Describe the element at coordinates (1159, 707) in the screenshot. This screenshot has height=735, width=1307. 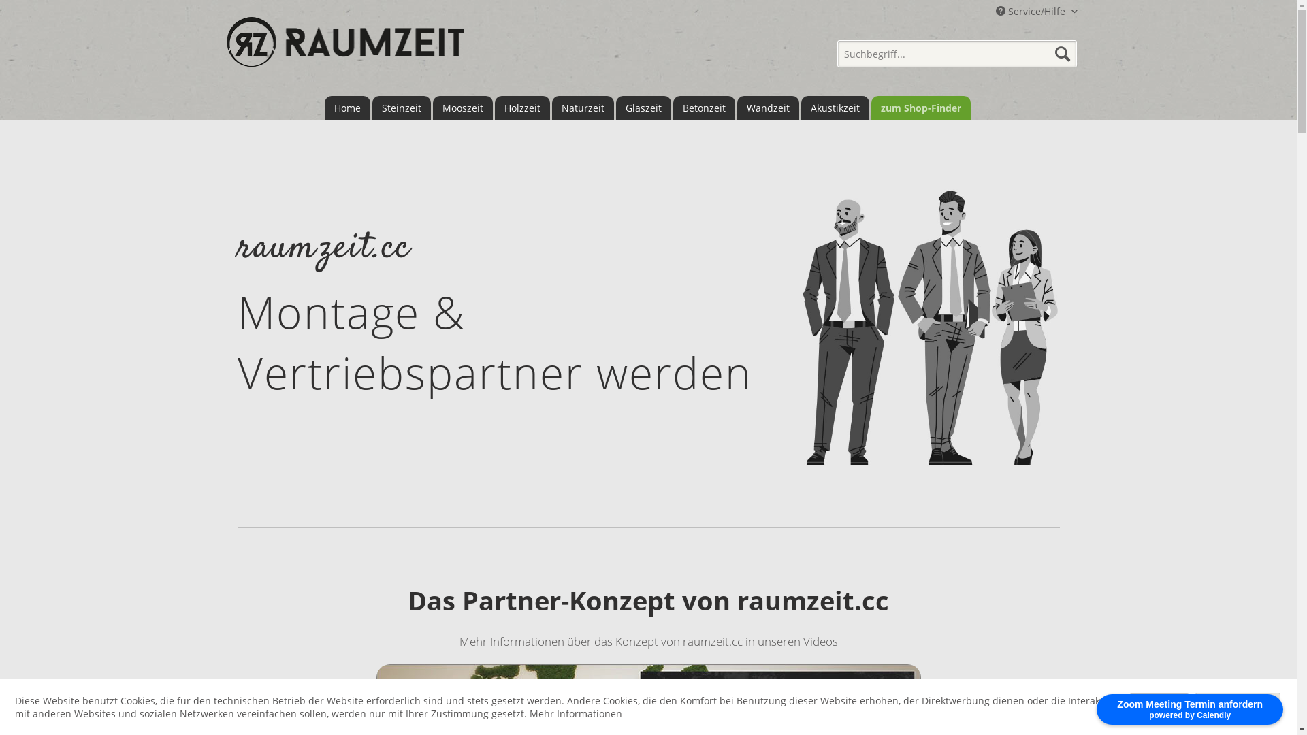
I see `'Ablehnen'` at that location.